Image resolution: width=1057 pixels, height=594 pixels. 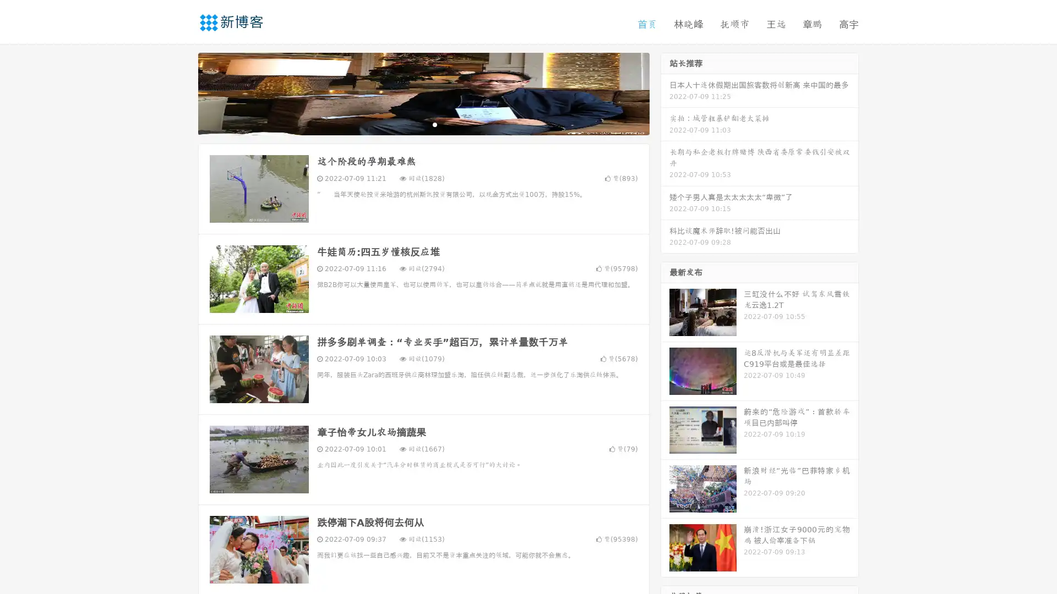 I want to click on Go to slide 3, so click(x=434, y=124).